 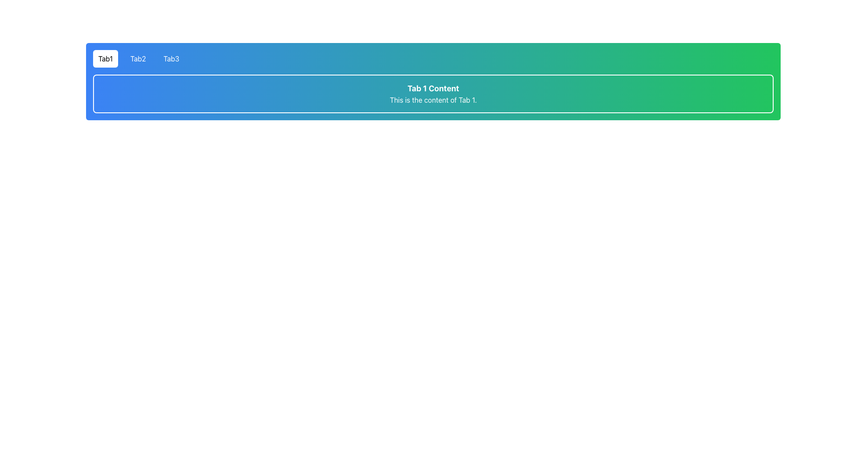 I want to click on the Text Display Panel that displays 'Tab 1 Content' and 'This is the content of Tab 1.' with a gradient background from blue to green, so click(x=433, y=93).